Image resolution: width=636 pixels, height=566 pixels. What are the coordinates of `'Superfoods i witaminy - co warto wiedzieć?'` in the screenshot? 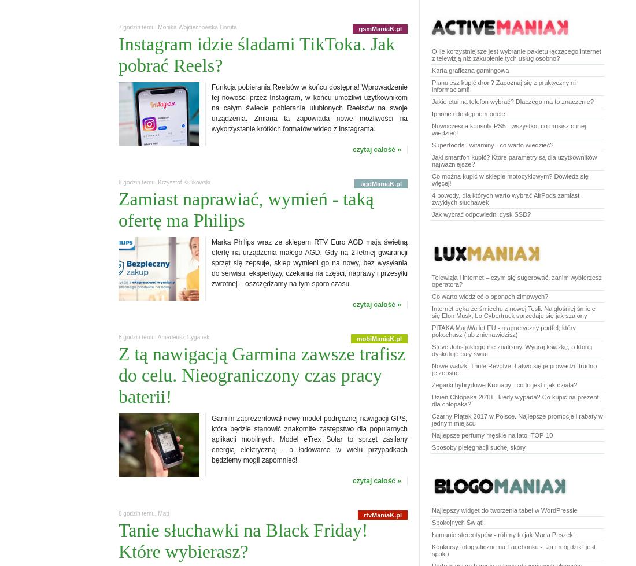 It's located at (491, 145).